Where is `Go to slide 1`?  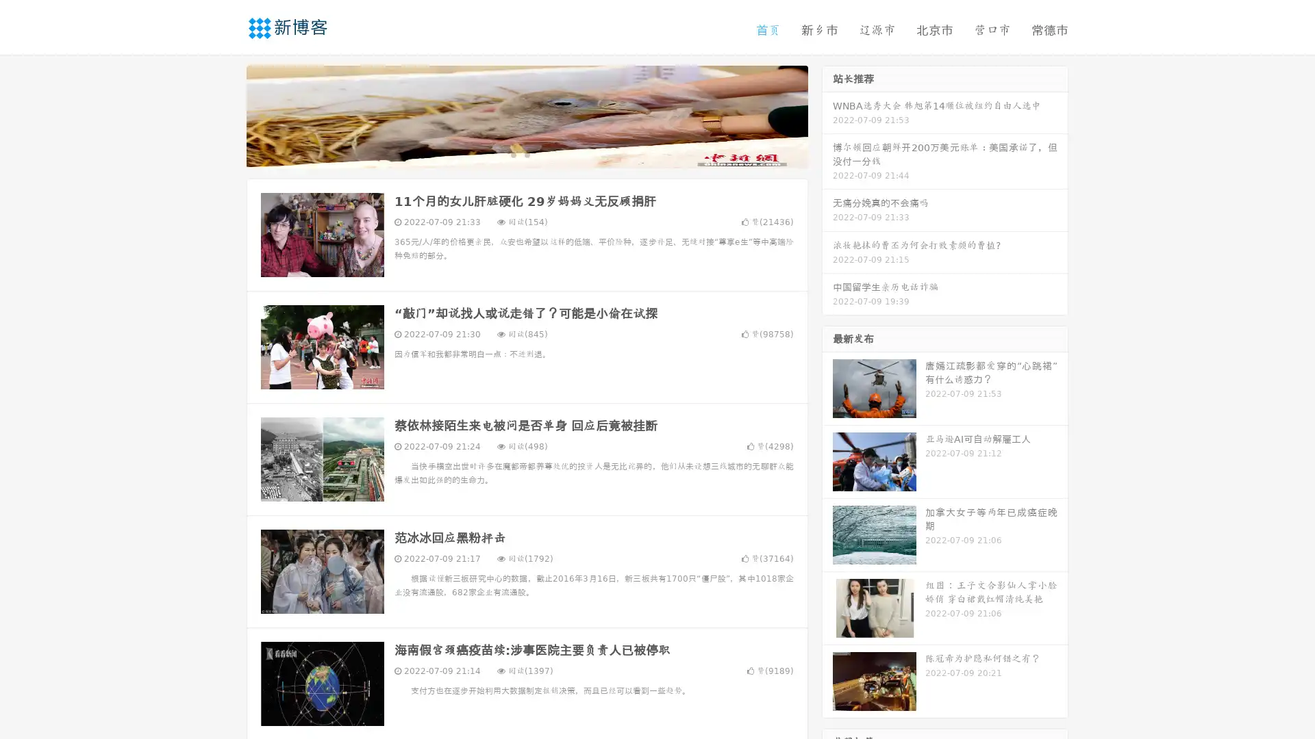
Go to slide 1 is located at coordinates (512, 154).